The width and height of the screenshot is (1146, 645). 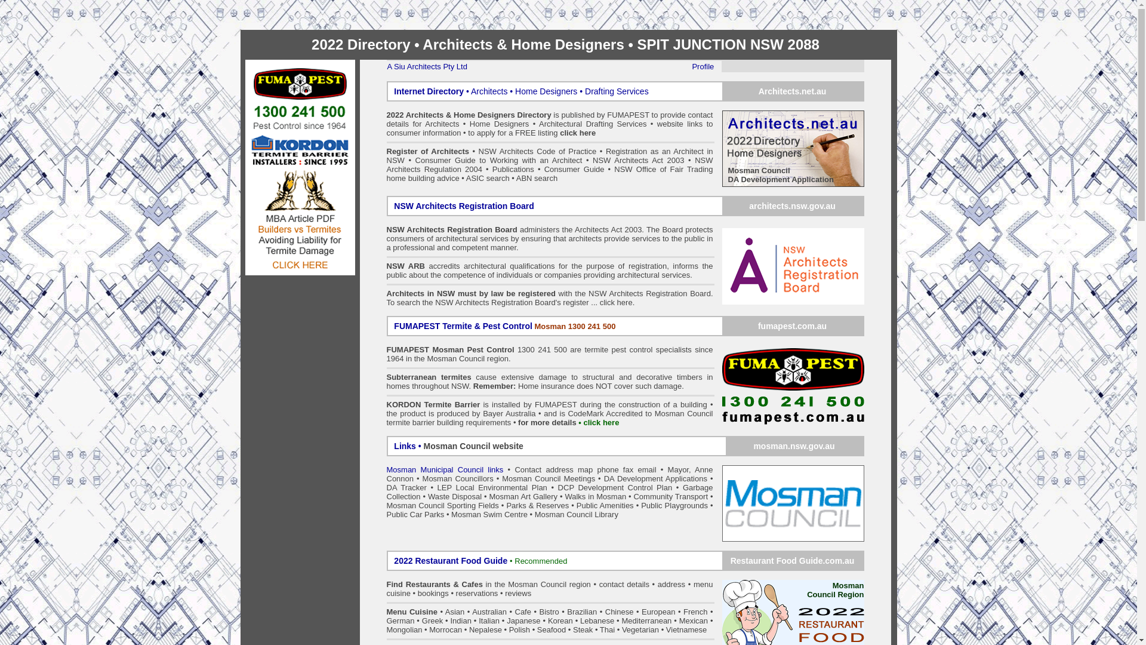 I want to click on 'Mosman Swim Centre', so click(x=489, y=514).